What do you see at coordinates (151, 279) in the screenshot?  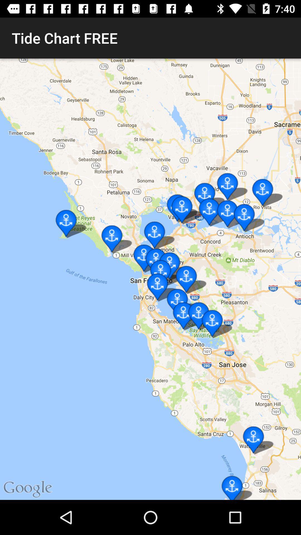 I see `the item below tide chart free` at bounding box center [151, 279].